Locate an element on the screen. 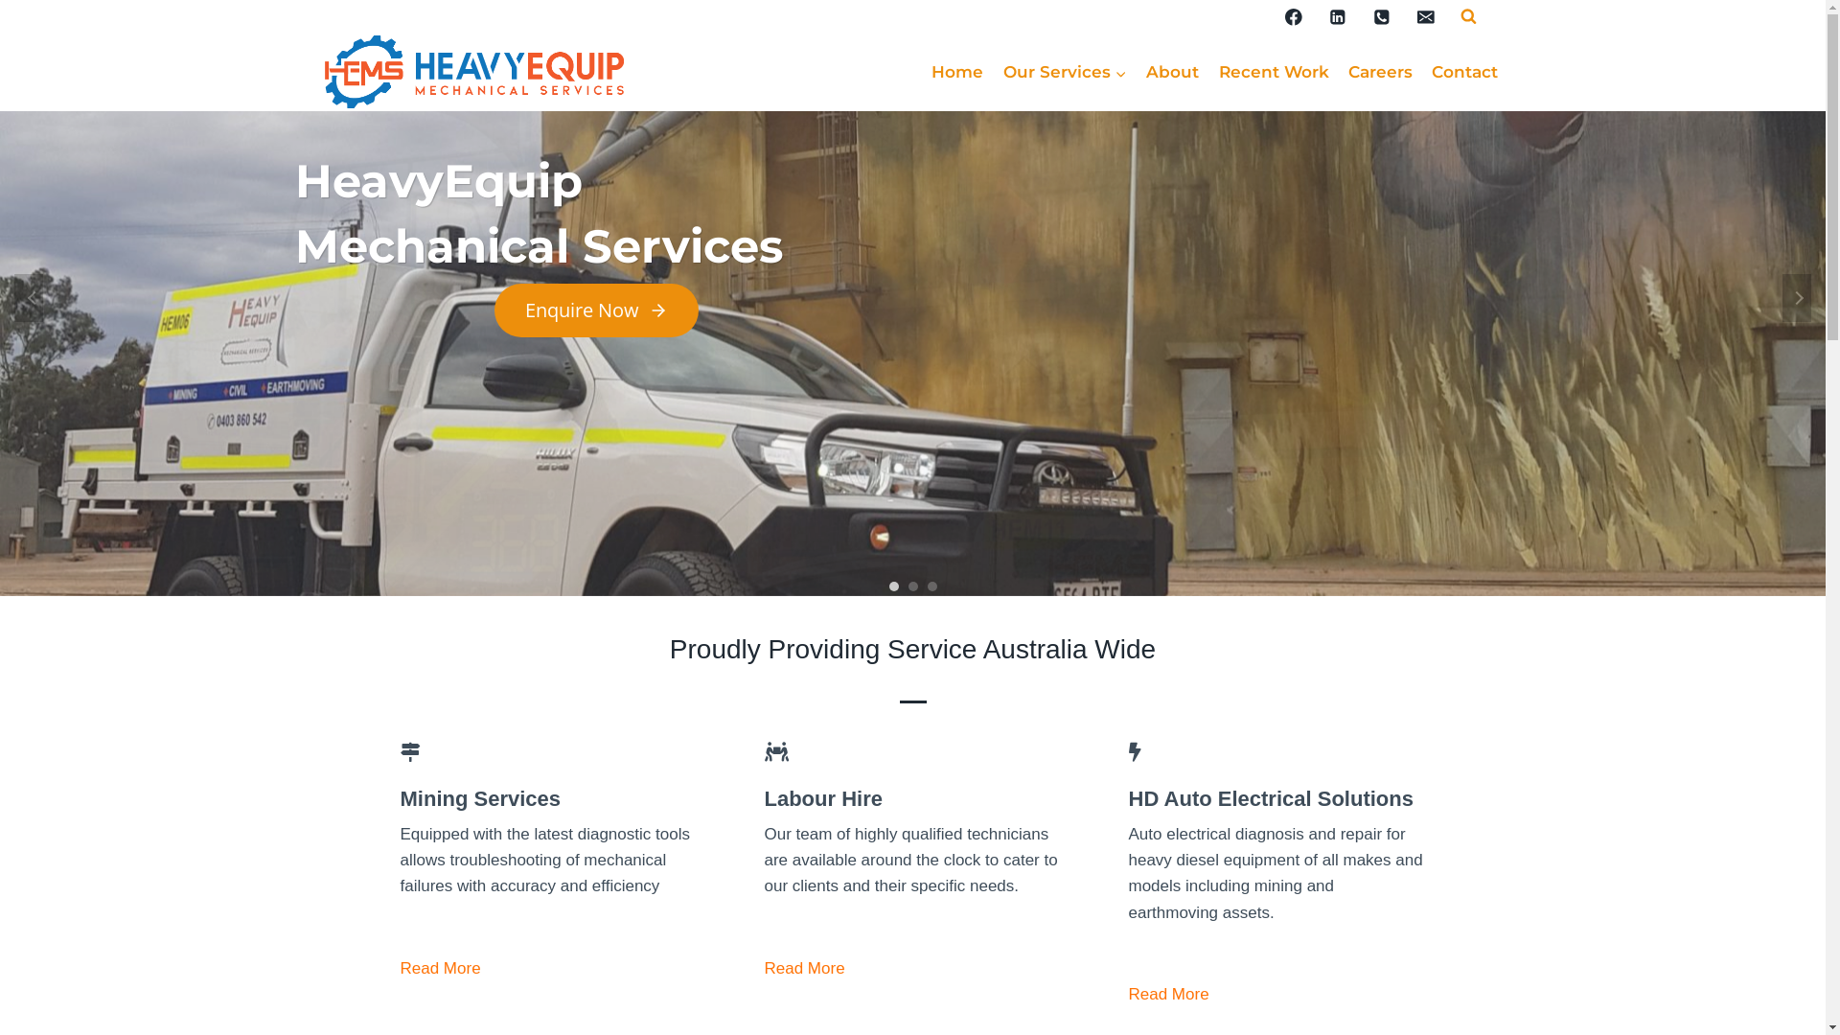 The height and width of the screenshot is (1035, 1840). 'Read More' is located at coordinates (1167, 993).